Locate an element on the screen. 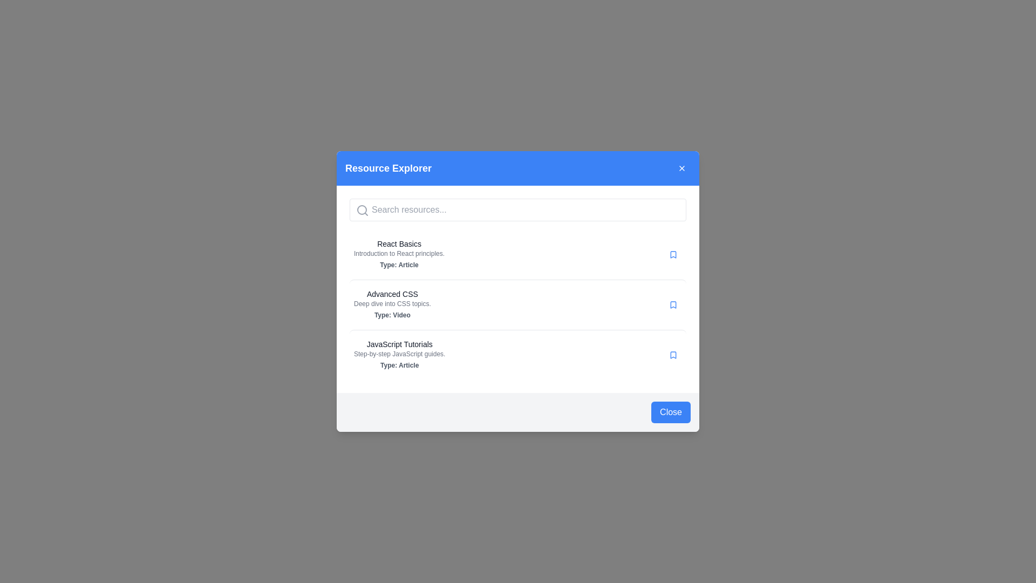  the small, blue-outlined bookmark icon button located at the rightmost part of the row containing the text 'Advanced CSS' for accessibility navigation is located at coordinates (673, 304).